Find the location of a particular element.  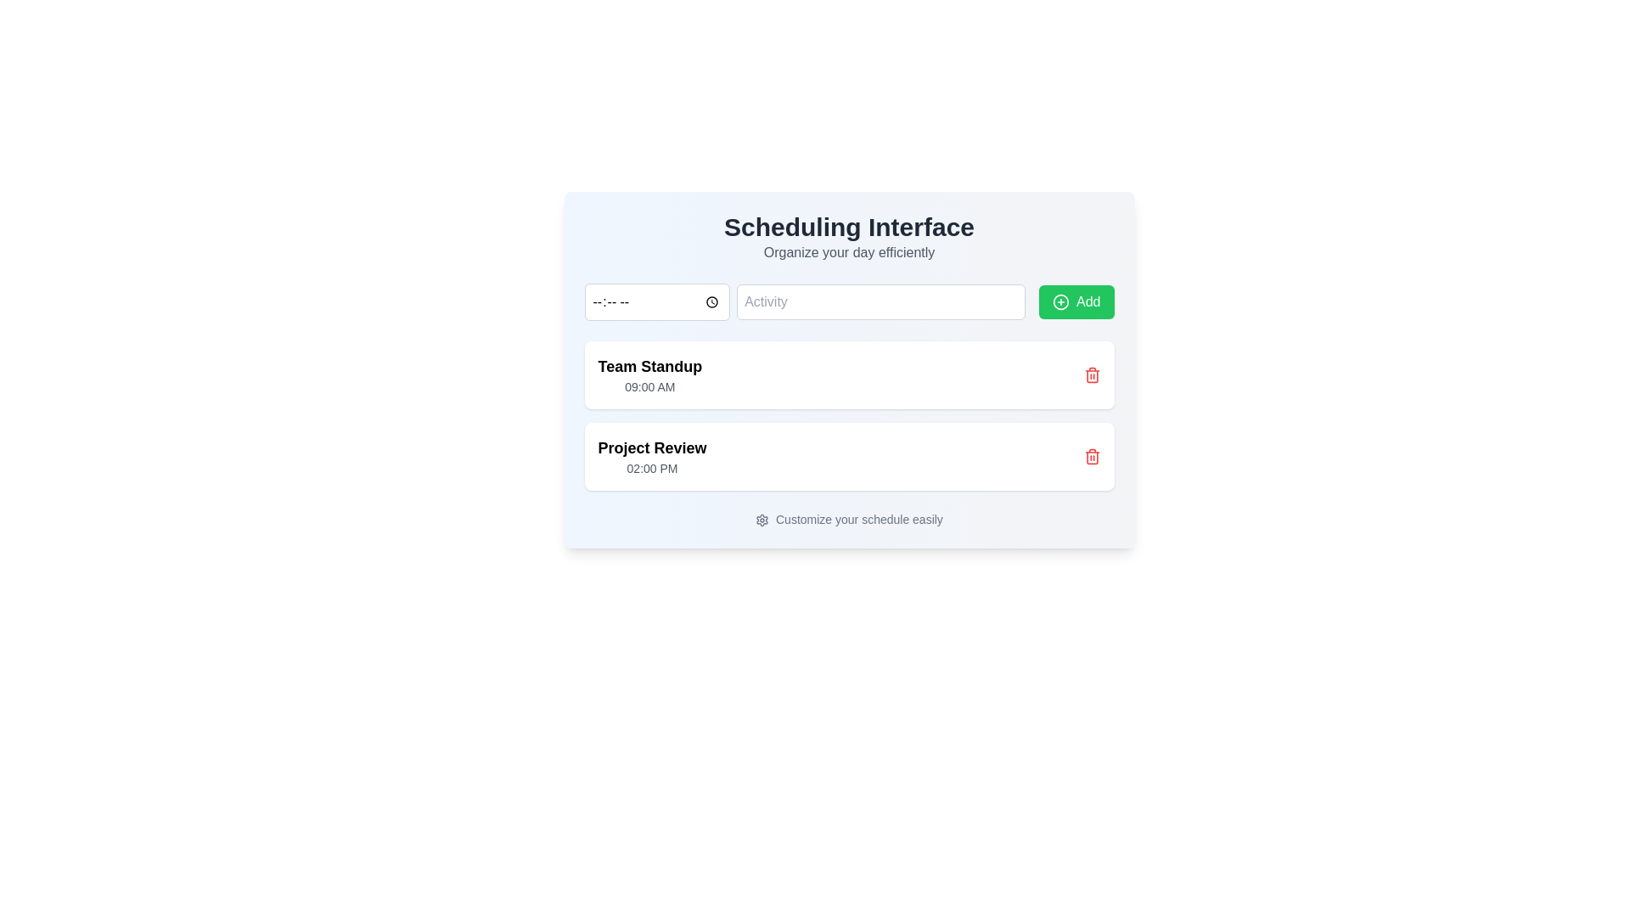

the 'Project Review' text block, which displays a bolded title and a timestamp is located at coordinates (651, 455).